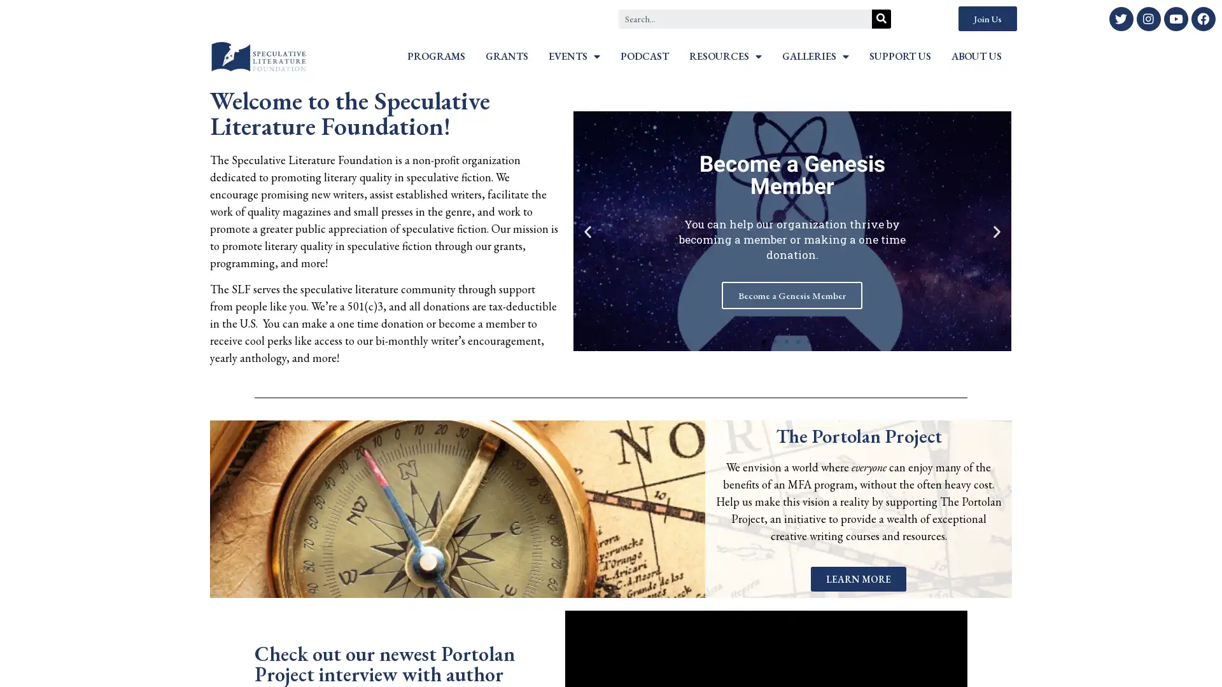 This screenshot has width=1222, height=687. What do you see at coordinates (881, 18) in the screenshot?
I see `Search` at bounding box center [881, 18].